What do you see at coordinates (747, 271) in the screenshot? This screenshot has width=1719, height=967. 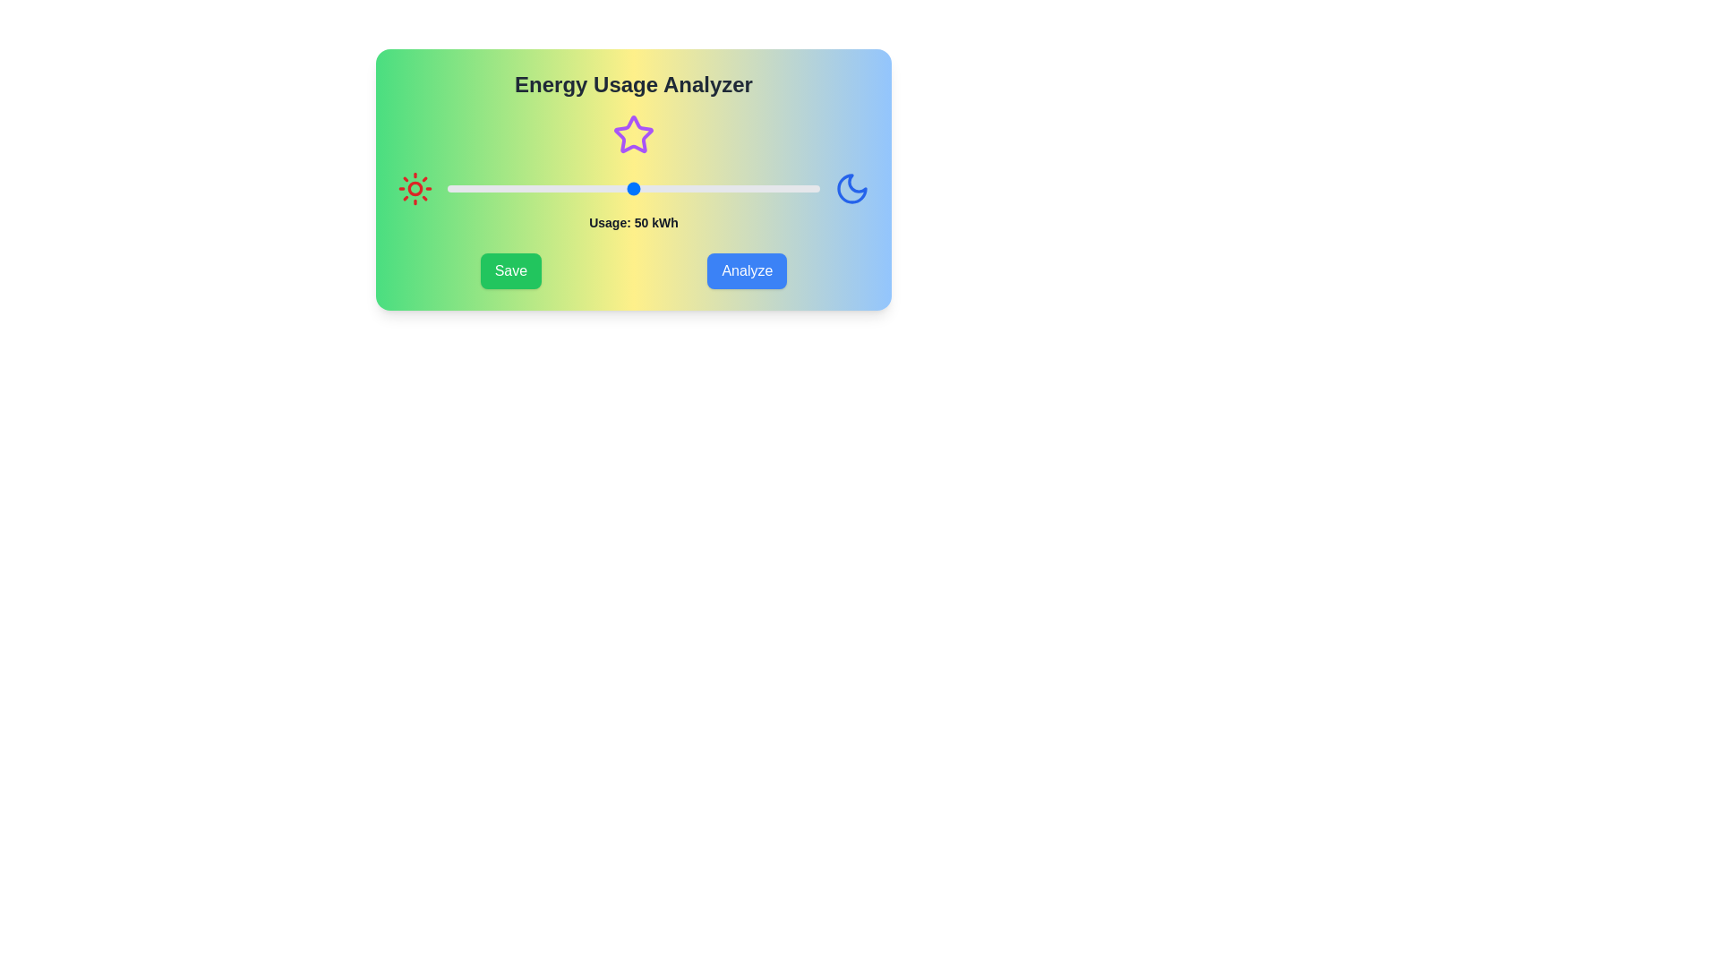 I see `the 'Analyze' button to initiate the analysis process` at bounding box center [747, 271].